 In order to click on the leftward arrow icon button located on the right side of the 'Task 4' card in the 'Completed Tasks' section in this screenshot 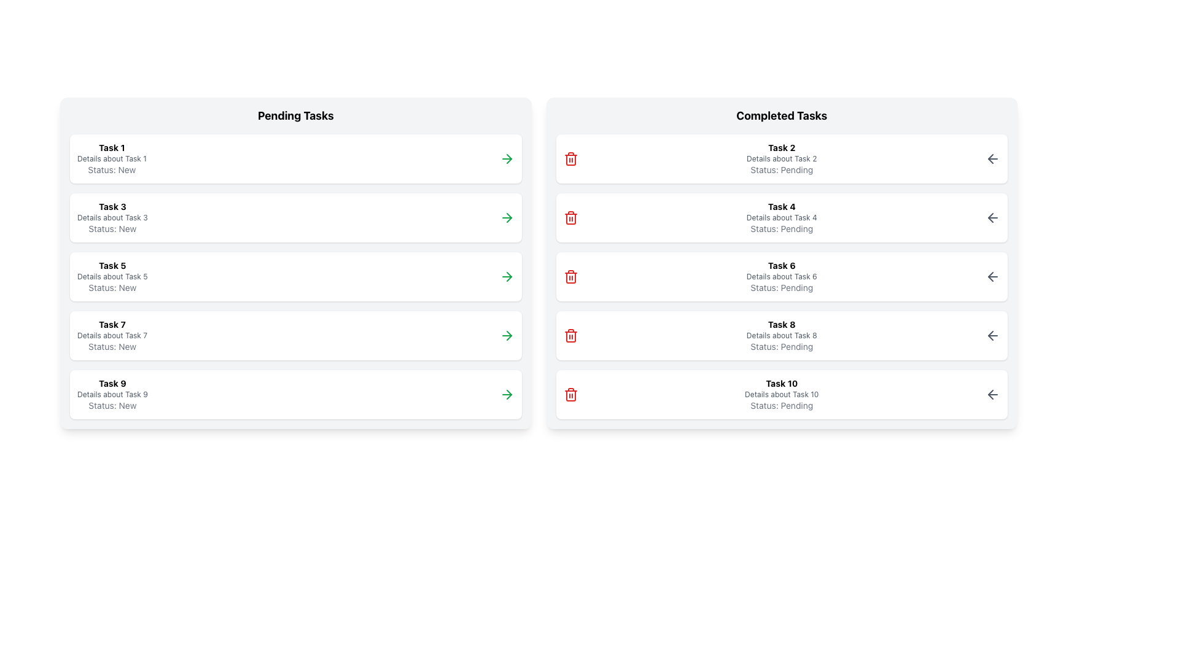, I will do `click(993, 217)`.